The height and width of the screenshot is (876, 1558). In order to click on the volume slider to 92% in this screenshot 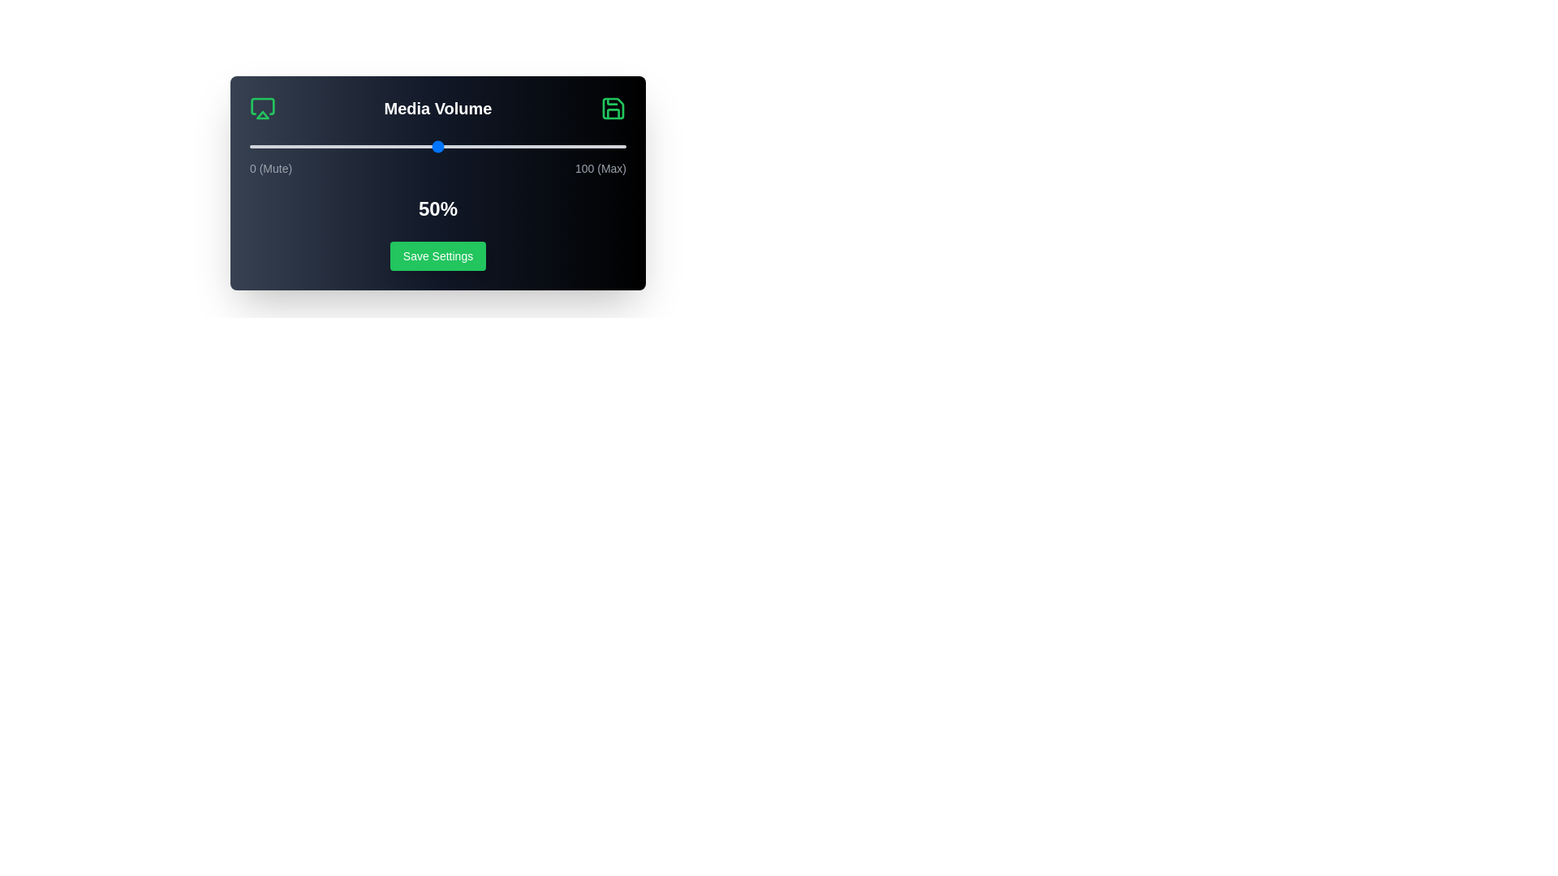, I will do `click(595, 147)`.